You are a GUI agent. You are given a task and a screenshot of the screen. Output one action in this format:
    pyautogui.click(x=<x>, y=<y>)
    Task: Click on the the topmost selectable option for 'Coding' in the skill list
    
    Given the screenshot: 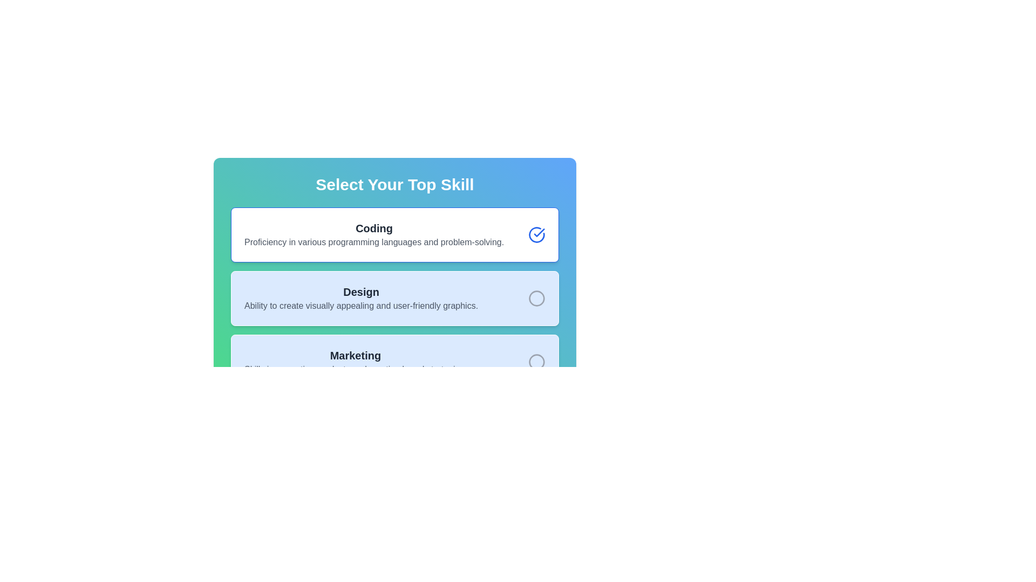 What is the action you would take?
    pyautogui.click(x=394, y=255)
    